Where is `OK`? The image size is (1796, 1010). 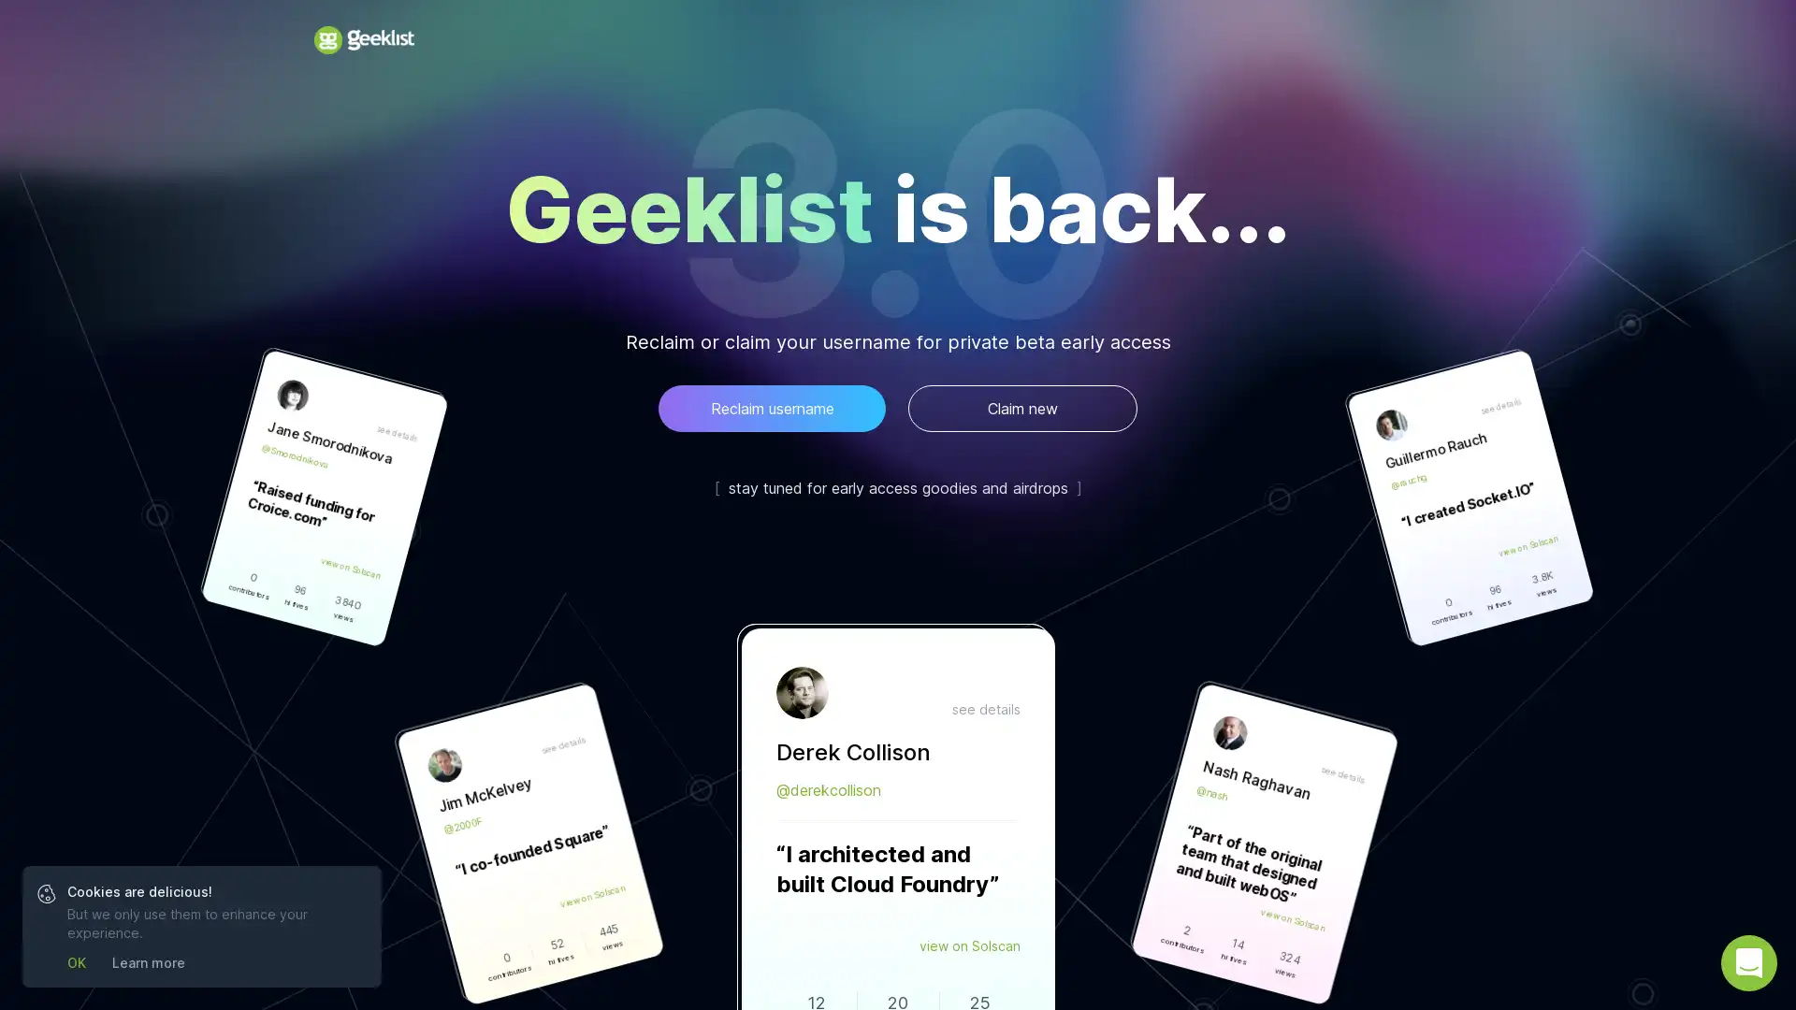
OK is located at coordinates (75, 962).